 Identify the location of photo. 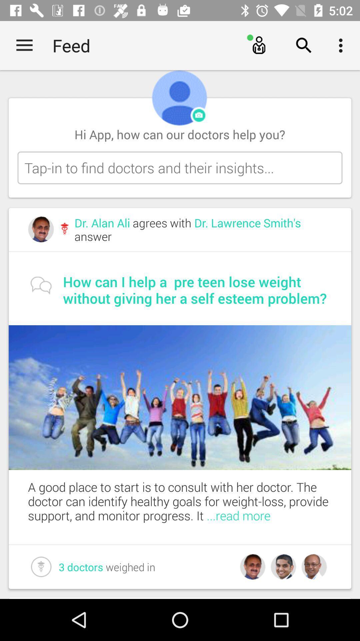
(199, 116).